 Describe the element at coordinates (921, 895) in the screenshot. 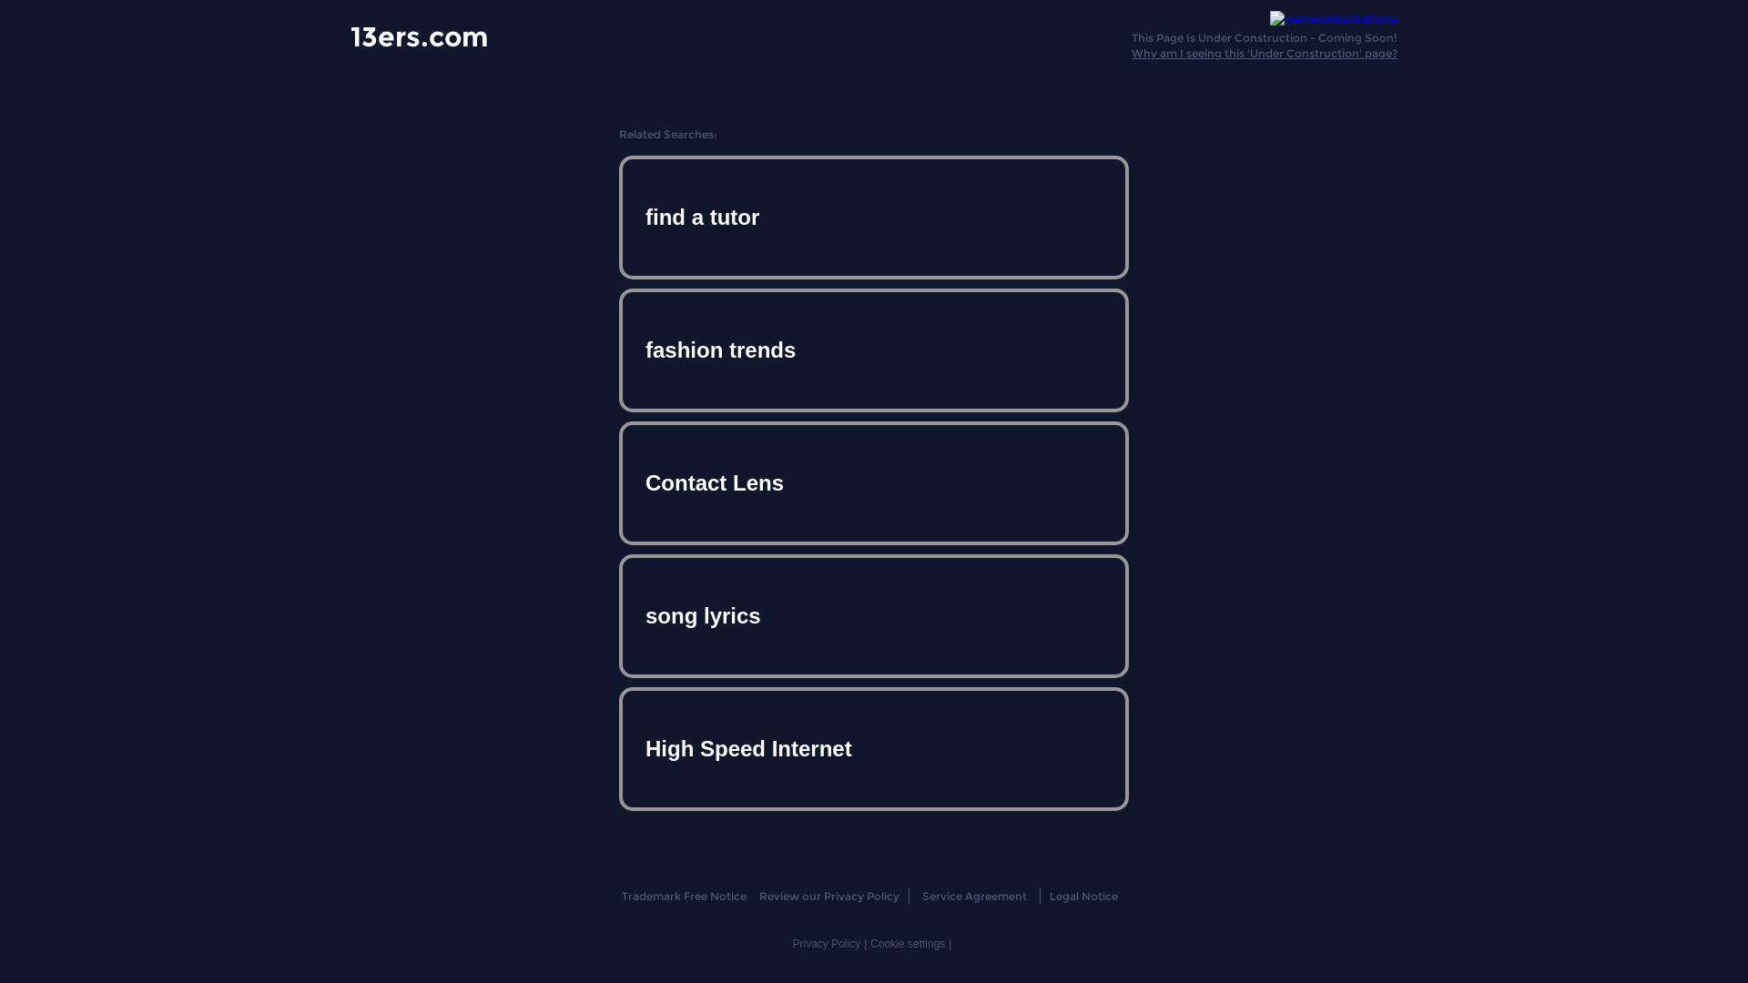

I see `'Service Agreement'` at that location.